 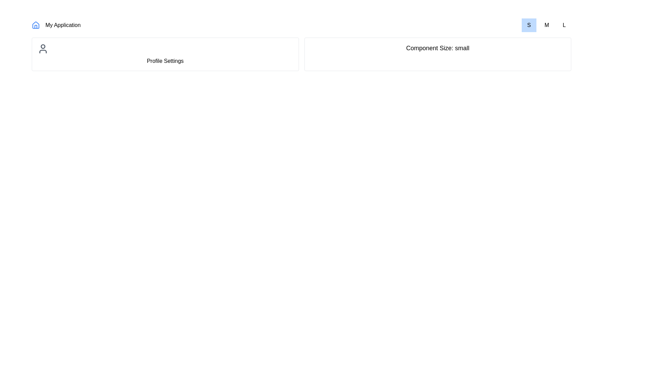 I want to click on the rectangular button labeled 'M', so click(x=547, y=25).